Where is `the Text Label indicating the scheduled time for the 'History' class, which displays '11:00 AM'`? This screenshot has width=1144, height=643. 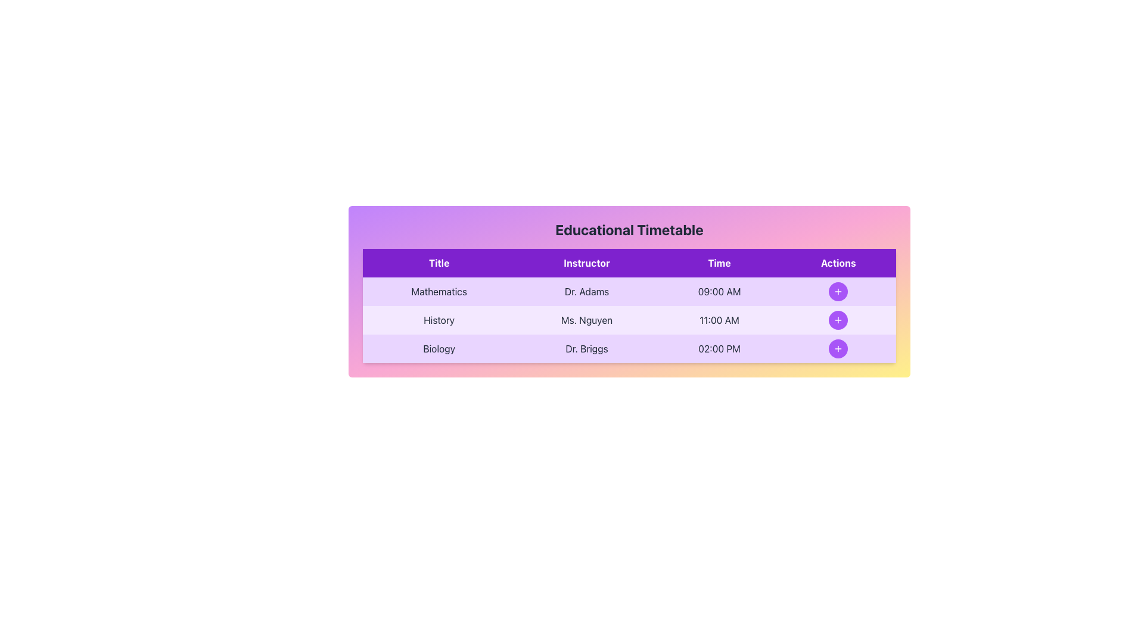 the Text Label indicating the scheduled time for the 'History' class, which displays '11:00 AM' is located at coordinates (719, 319).